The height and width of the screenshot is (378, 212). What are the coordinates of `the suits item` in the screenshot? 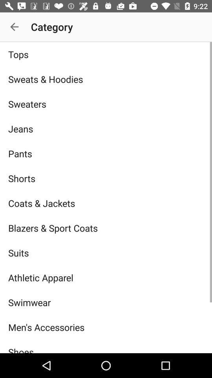 It's located at (106, 252).